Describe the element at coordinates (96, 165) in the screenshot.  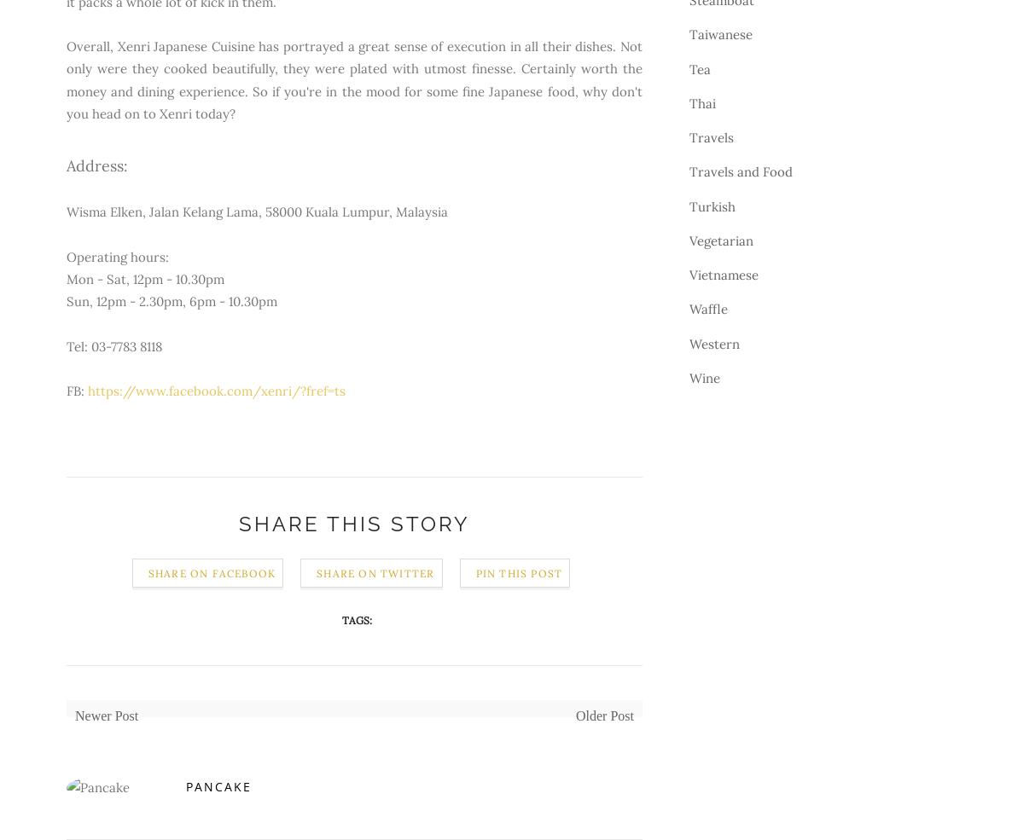
I see `'Address:'` at that location.